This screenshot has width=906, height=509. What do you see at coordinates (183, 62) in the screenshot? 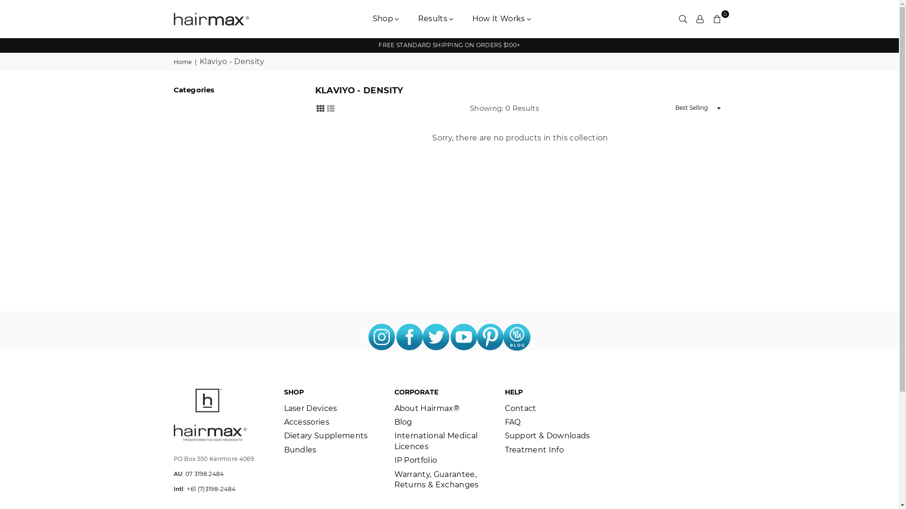
I see `'Home'` at bounding box center [183, 62].